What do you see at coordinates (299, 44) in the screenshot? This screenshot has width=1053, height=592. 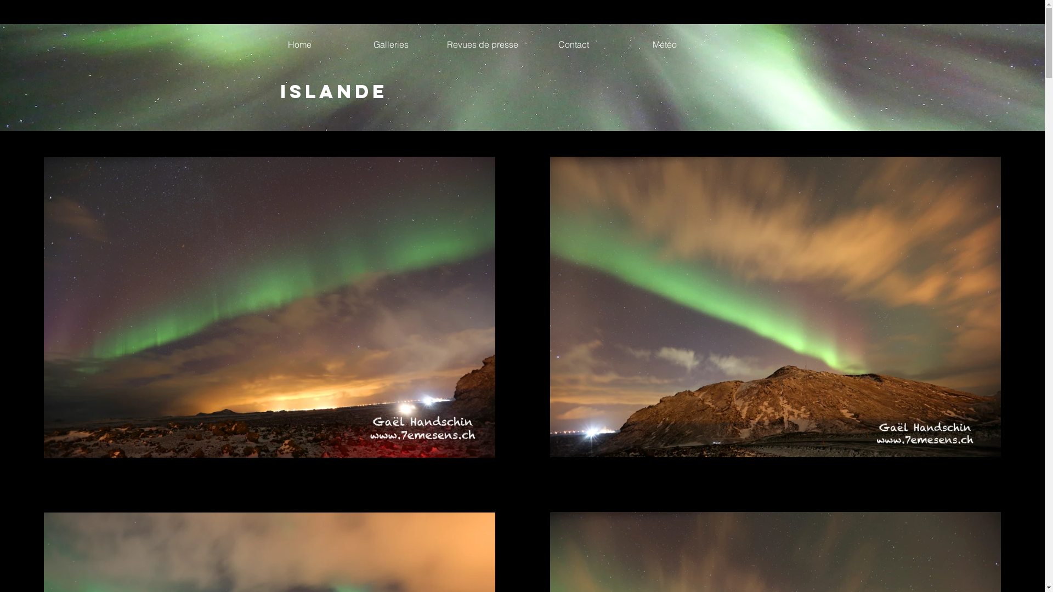 I see `'Home'` at bounding box center [299, 44].